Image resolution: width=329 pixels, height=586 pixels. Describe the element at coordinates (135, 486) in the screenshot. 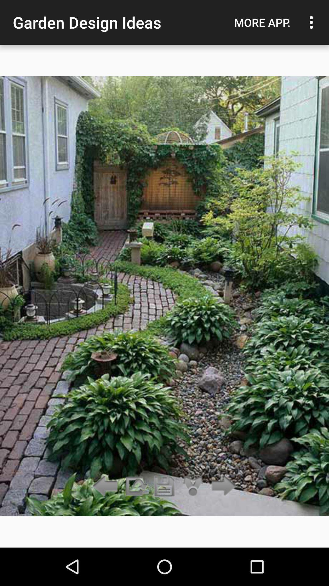

I see `the item below the garden design ideas icon` at that location.